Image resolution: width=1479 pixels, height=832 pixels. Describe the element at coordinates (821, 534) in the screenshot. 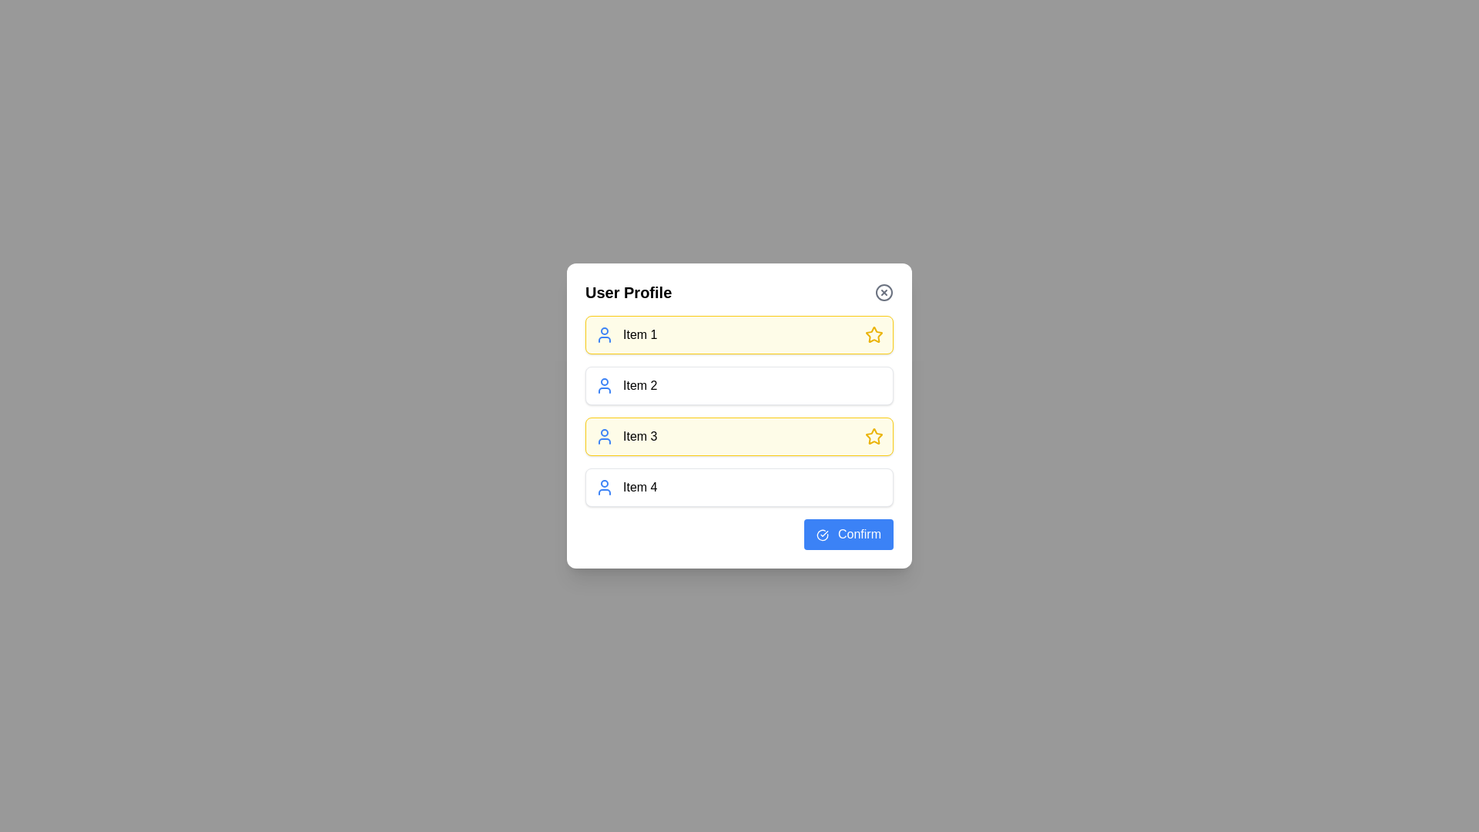

I see `the small circular blue checkmark icon located to the left of the 'Confirm' text inside the blue rectangular button at the bottom right corner of the modal dialog` at that location.